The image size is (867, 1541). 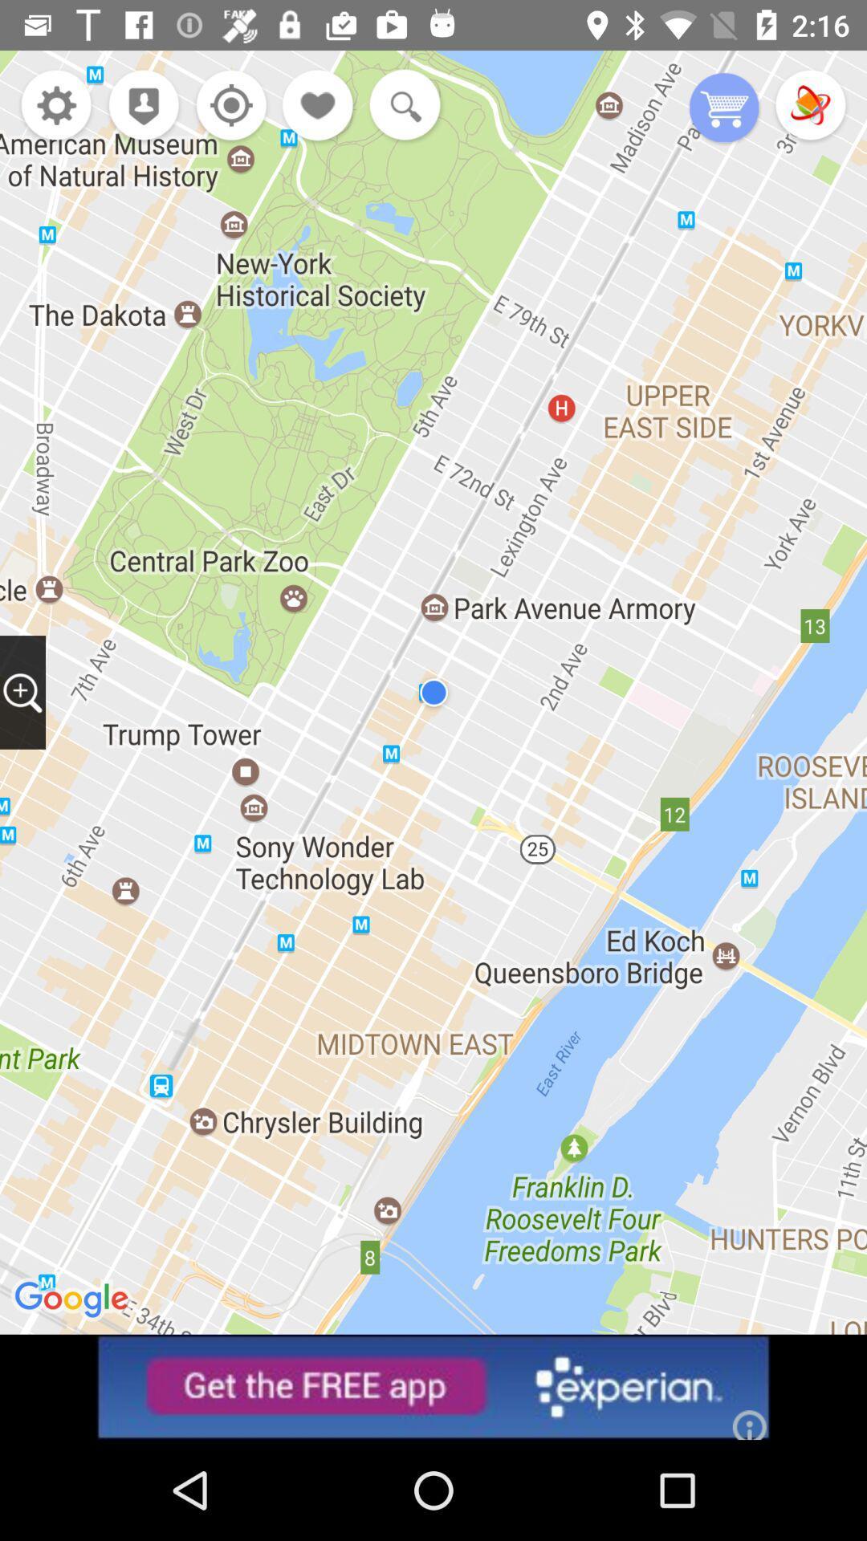 I want to click on shopping, so click(x=724, y=108).